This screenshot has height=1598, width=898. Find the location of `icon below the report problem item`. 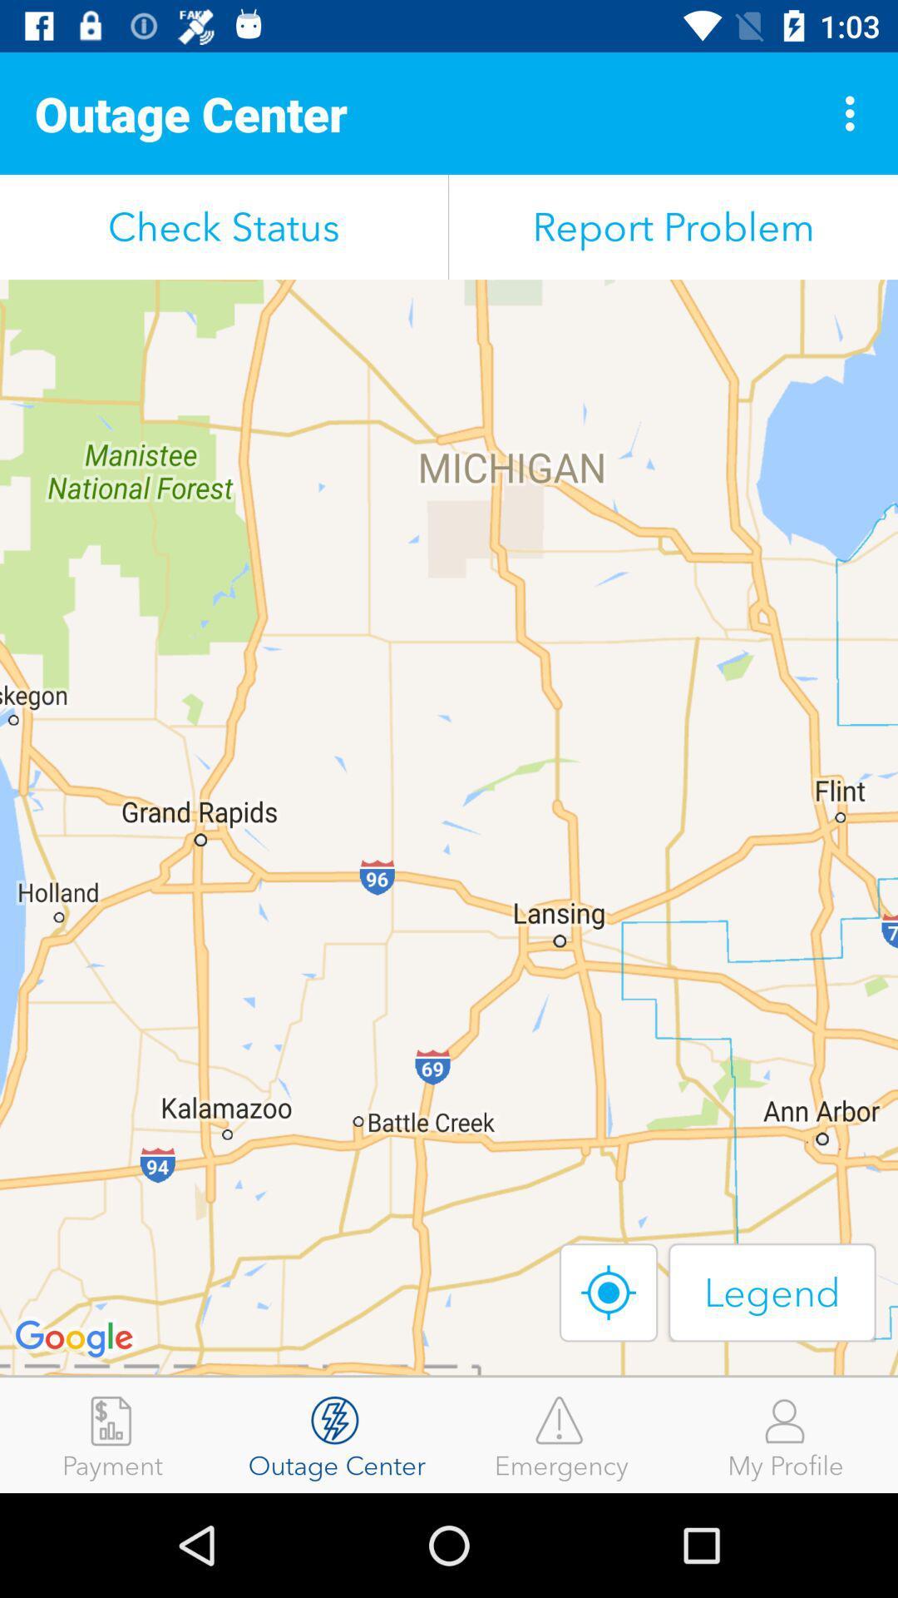

icon below the report problem item is located at coordinates (609, 1292).